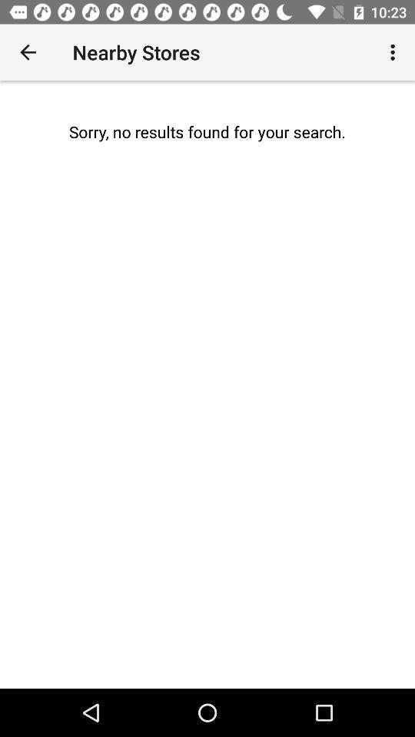 This screenshot has width=415, height=737. Describe the element at coordinates (394, 52) in the screenshot. I see `the item next to nearby stores icon` at that location.